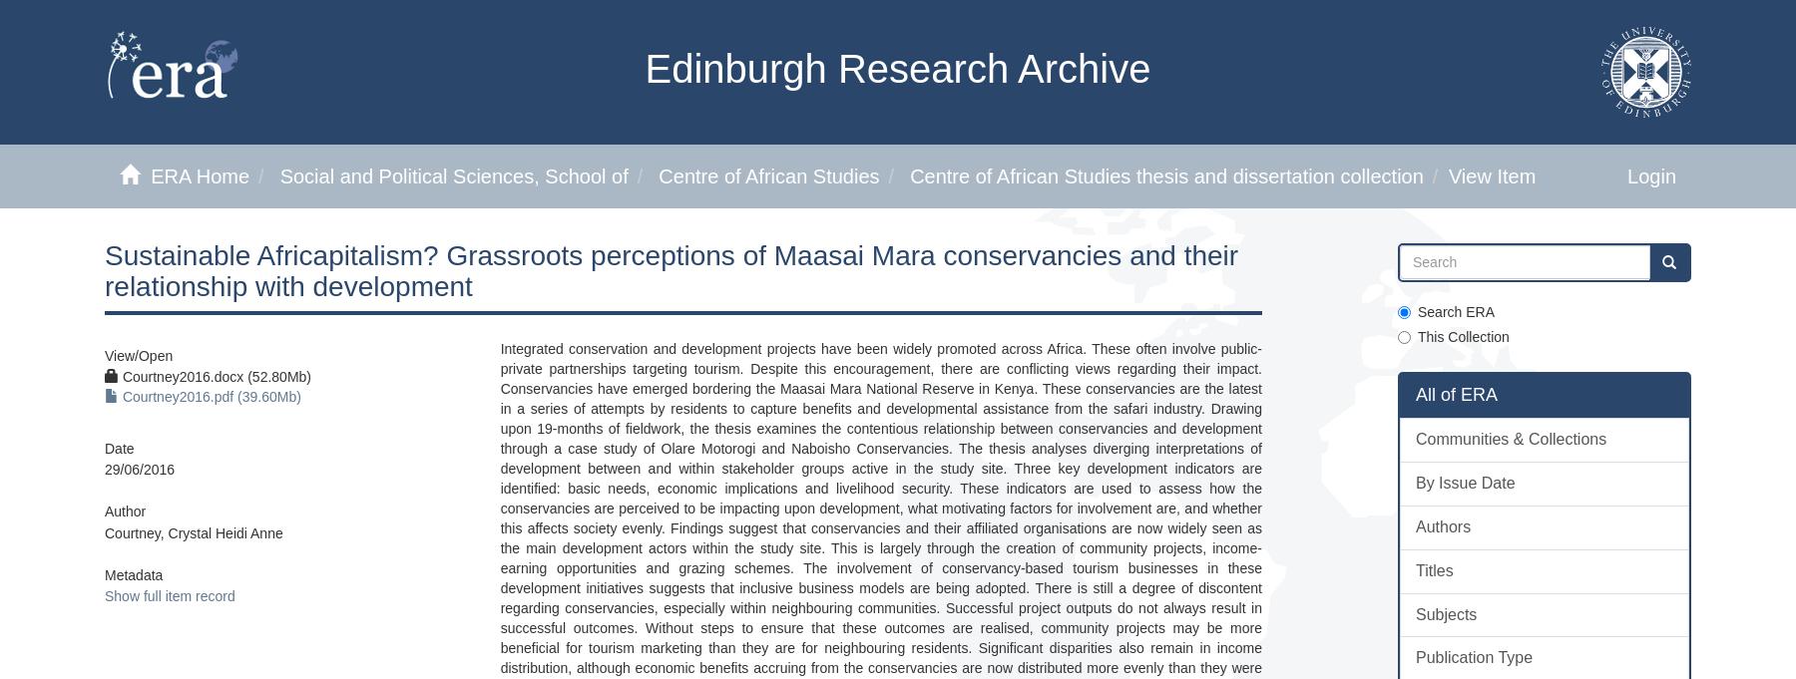 The height and width of the screenshot is (679, 1796). I want to click on 'Authors', so click(1442, 525).